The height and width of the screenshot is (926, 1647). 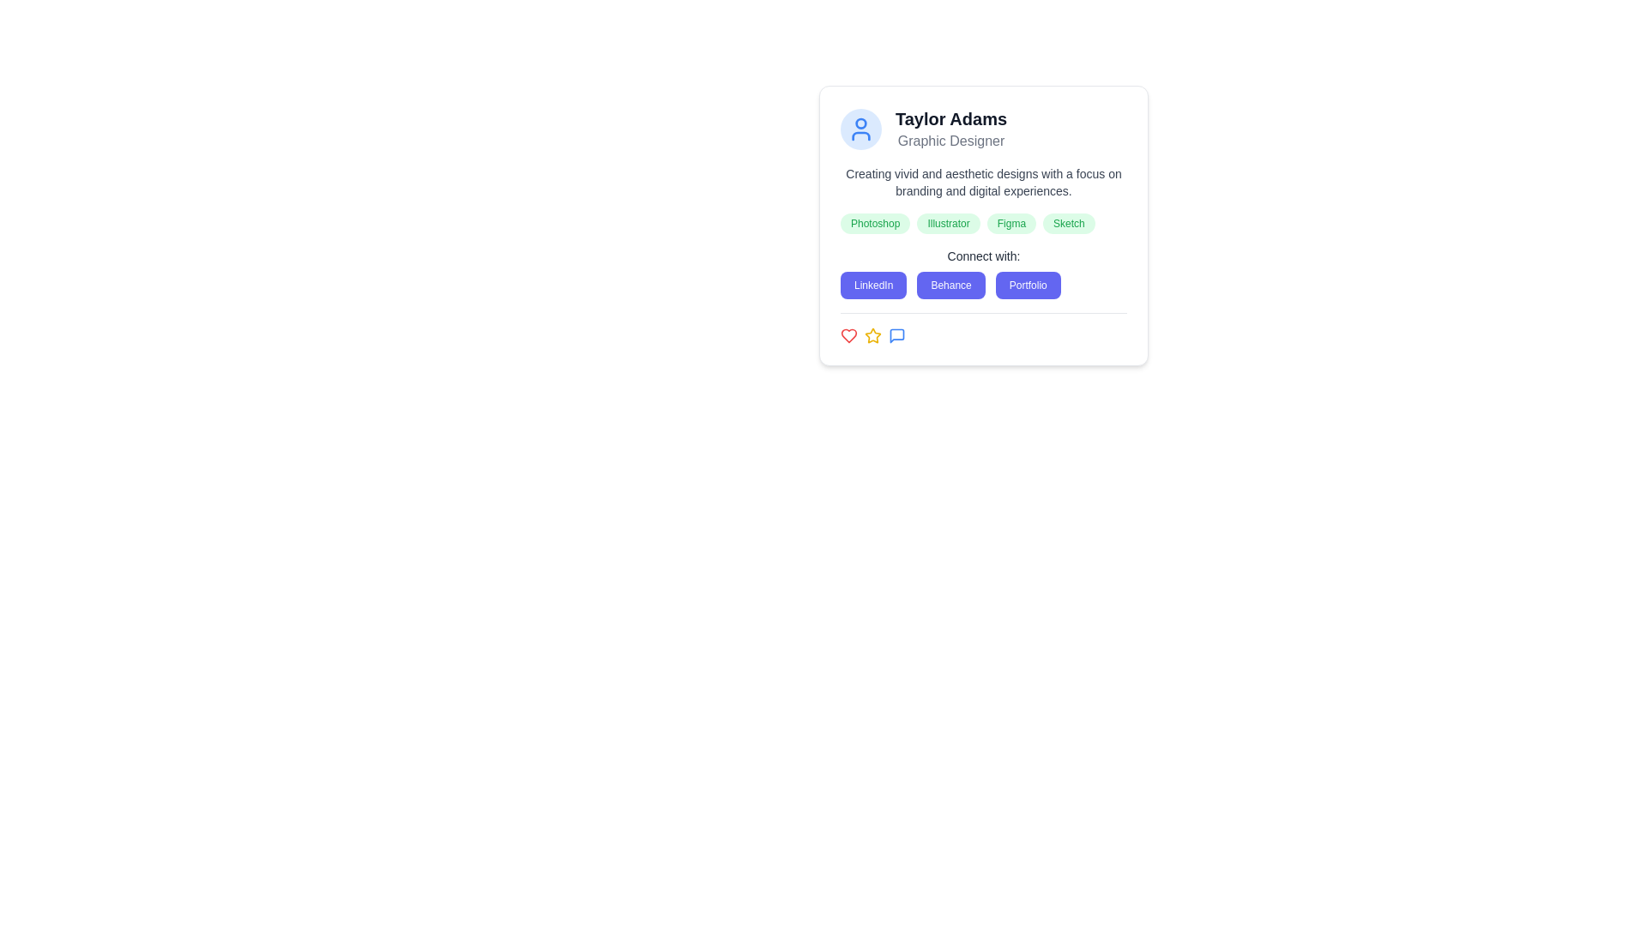 What do you see at coordinates (1028, 284) in the screenshot?
I see `the 'Portfolio' button located below the 'Connect with:' section, which is the third button in a horizontal sequence of three buttons` at bounding box center [1028, 284].